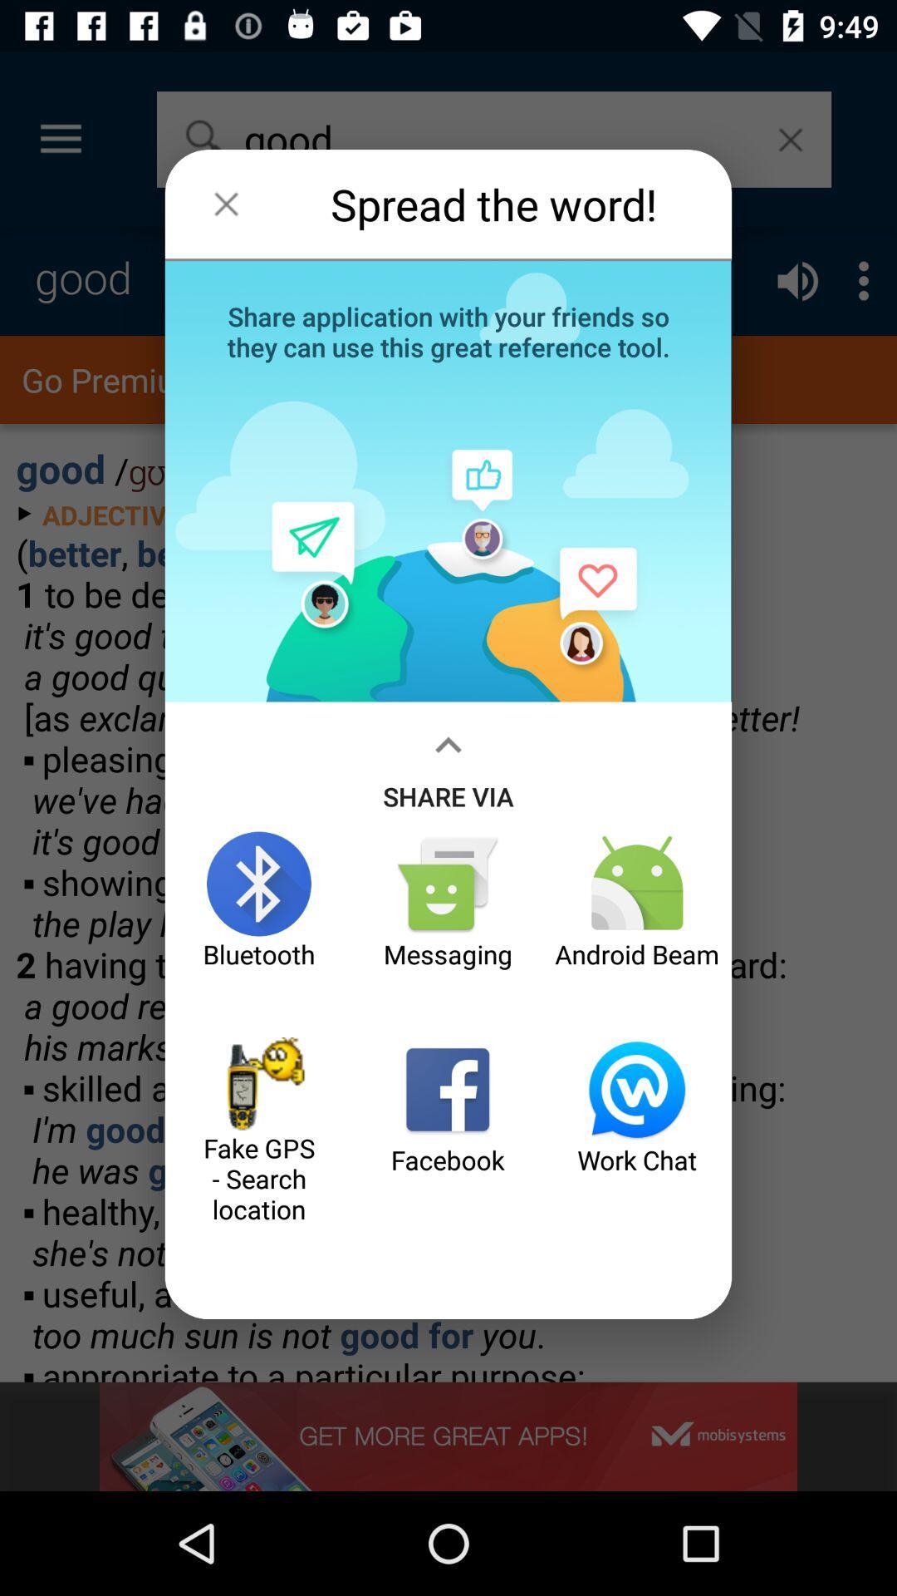  What do you see at coordinates (448, 330) in the screenshot?
I see `item above share via icon` at bounding box center [448, 330].